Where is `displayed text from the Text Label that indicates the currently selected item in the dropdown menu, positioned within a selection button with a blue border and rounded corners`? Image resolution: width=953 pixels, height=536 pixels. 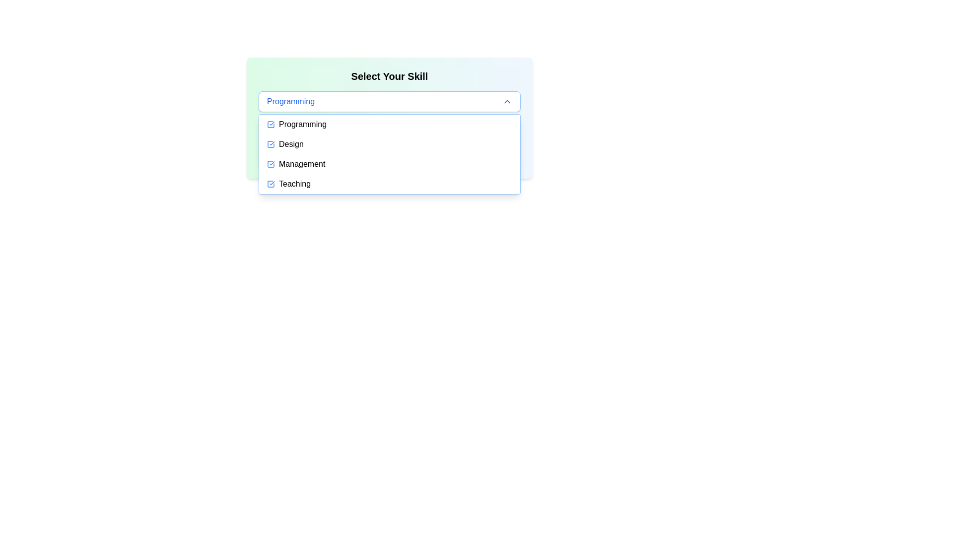
displayed text from the Text Label that indicates the currently selected item in the dropdown menu, positioned within a selection button with a blue border and rounded corners is located at coordinates (290, 101).